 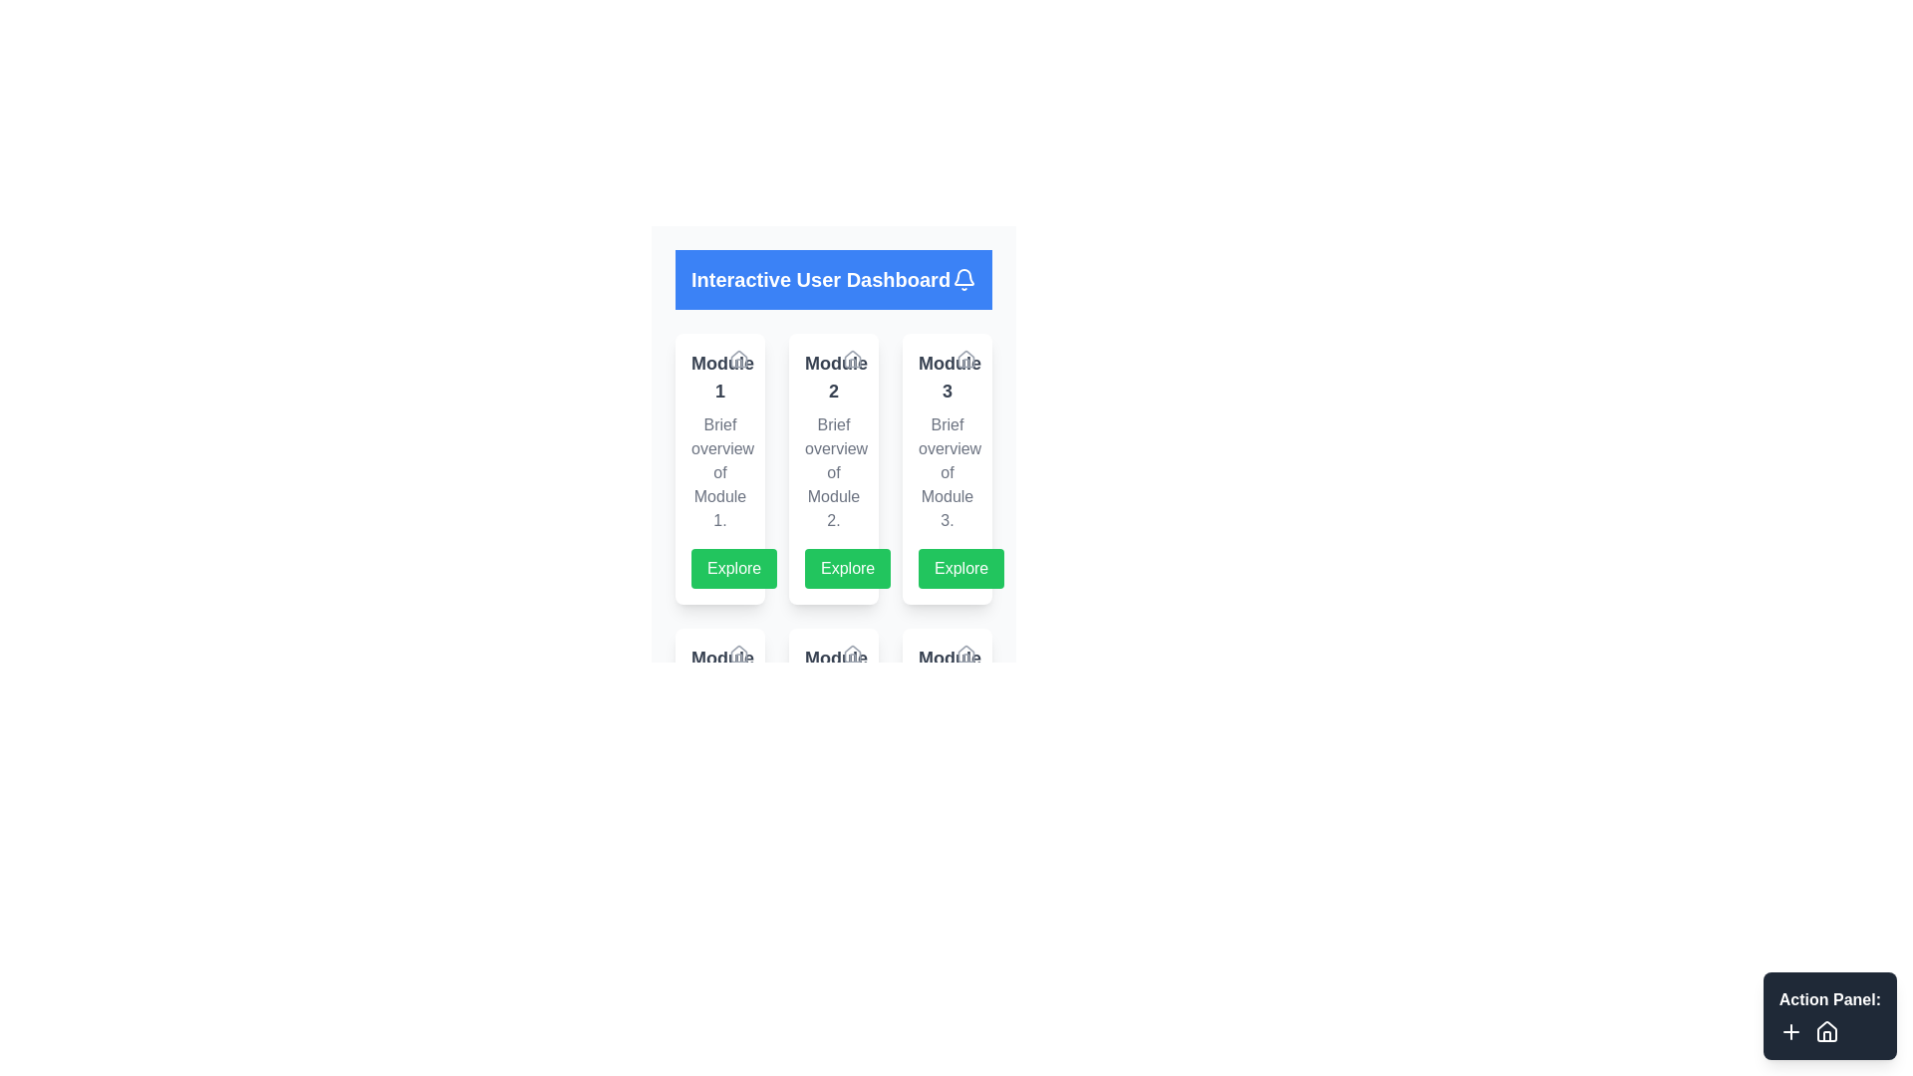 I want to click on the descriptive text about Module 1, located underneath the title 'Module 1' and above the green 'Explore' button, so click(x=719, y=472).